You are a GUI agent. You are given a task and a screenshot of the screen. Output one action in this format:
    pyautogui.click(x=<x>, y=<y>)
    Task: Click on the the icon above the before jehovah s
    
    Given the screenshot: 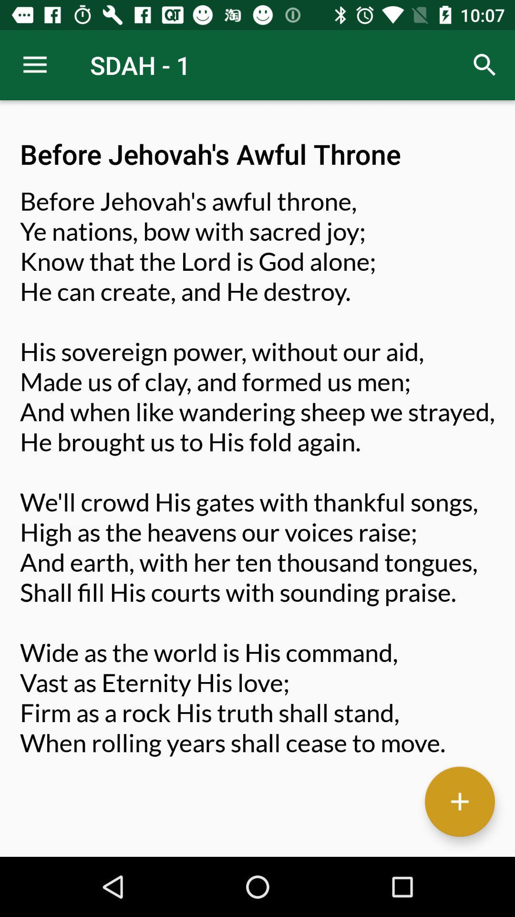 What is the action you would take?
    pyautogui.click(x=485, y=64)
    